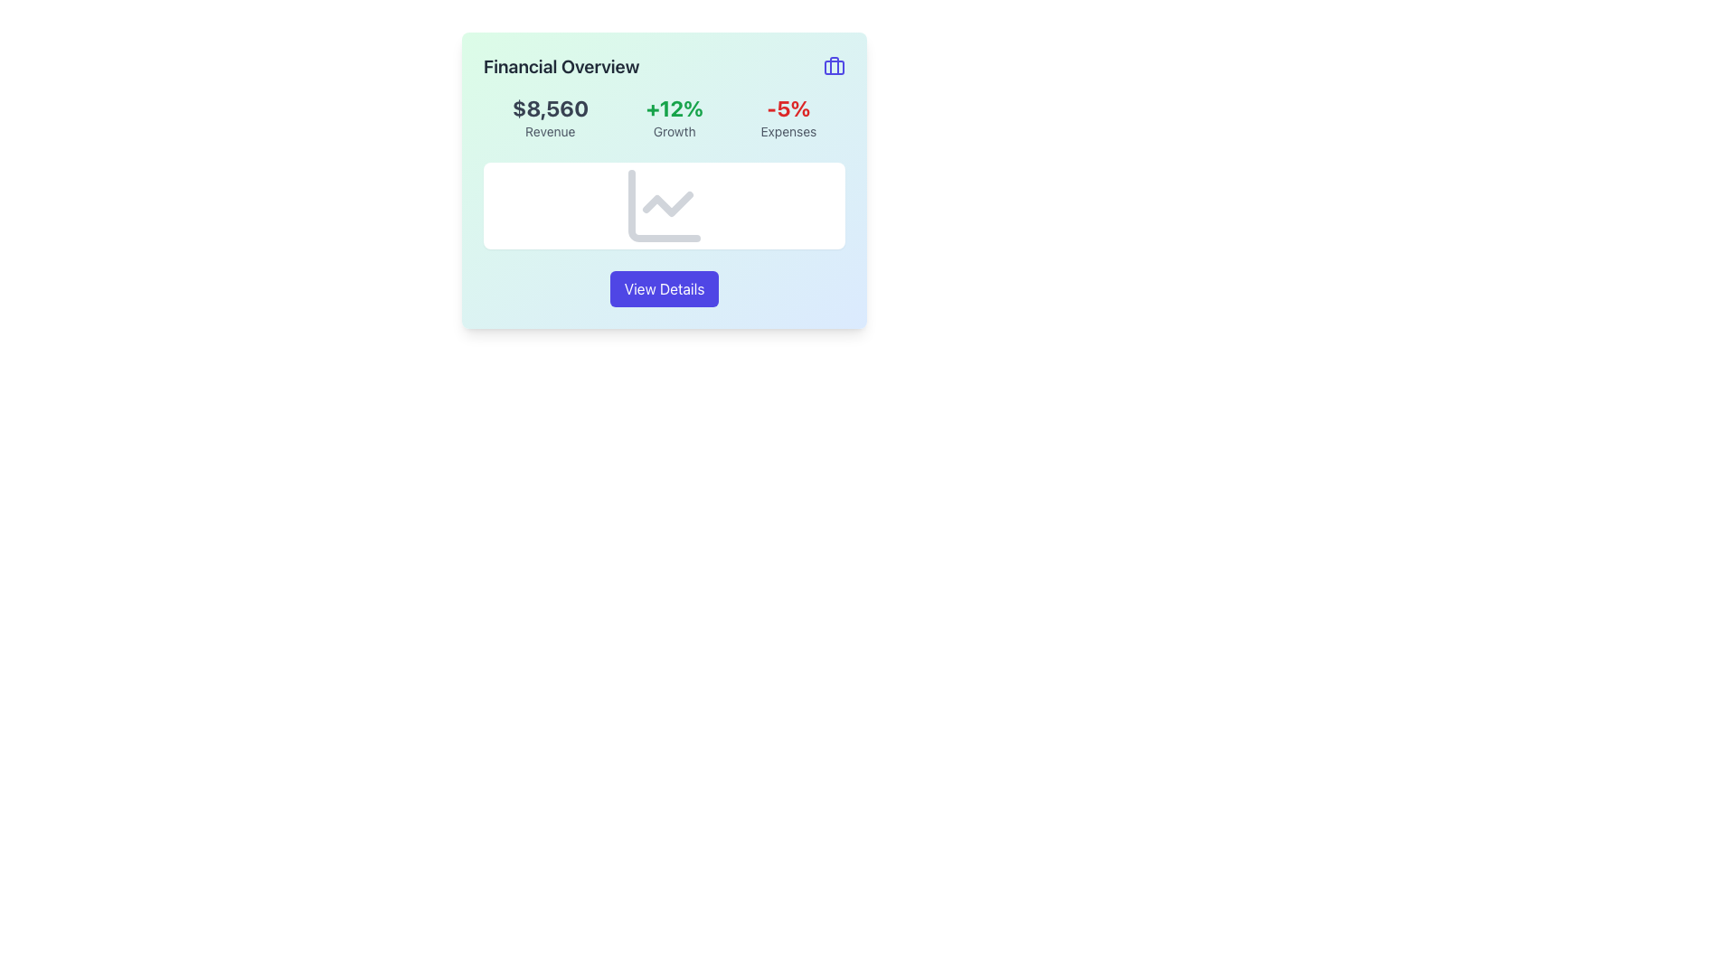  What do you see at coordinates (674, 131) in the screenshot?
I see `text label 'Growth' located beneath the '+12%' text in the financial overview section` at bounding box center [674, 131].